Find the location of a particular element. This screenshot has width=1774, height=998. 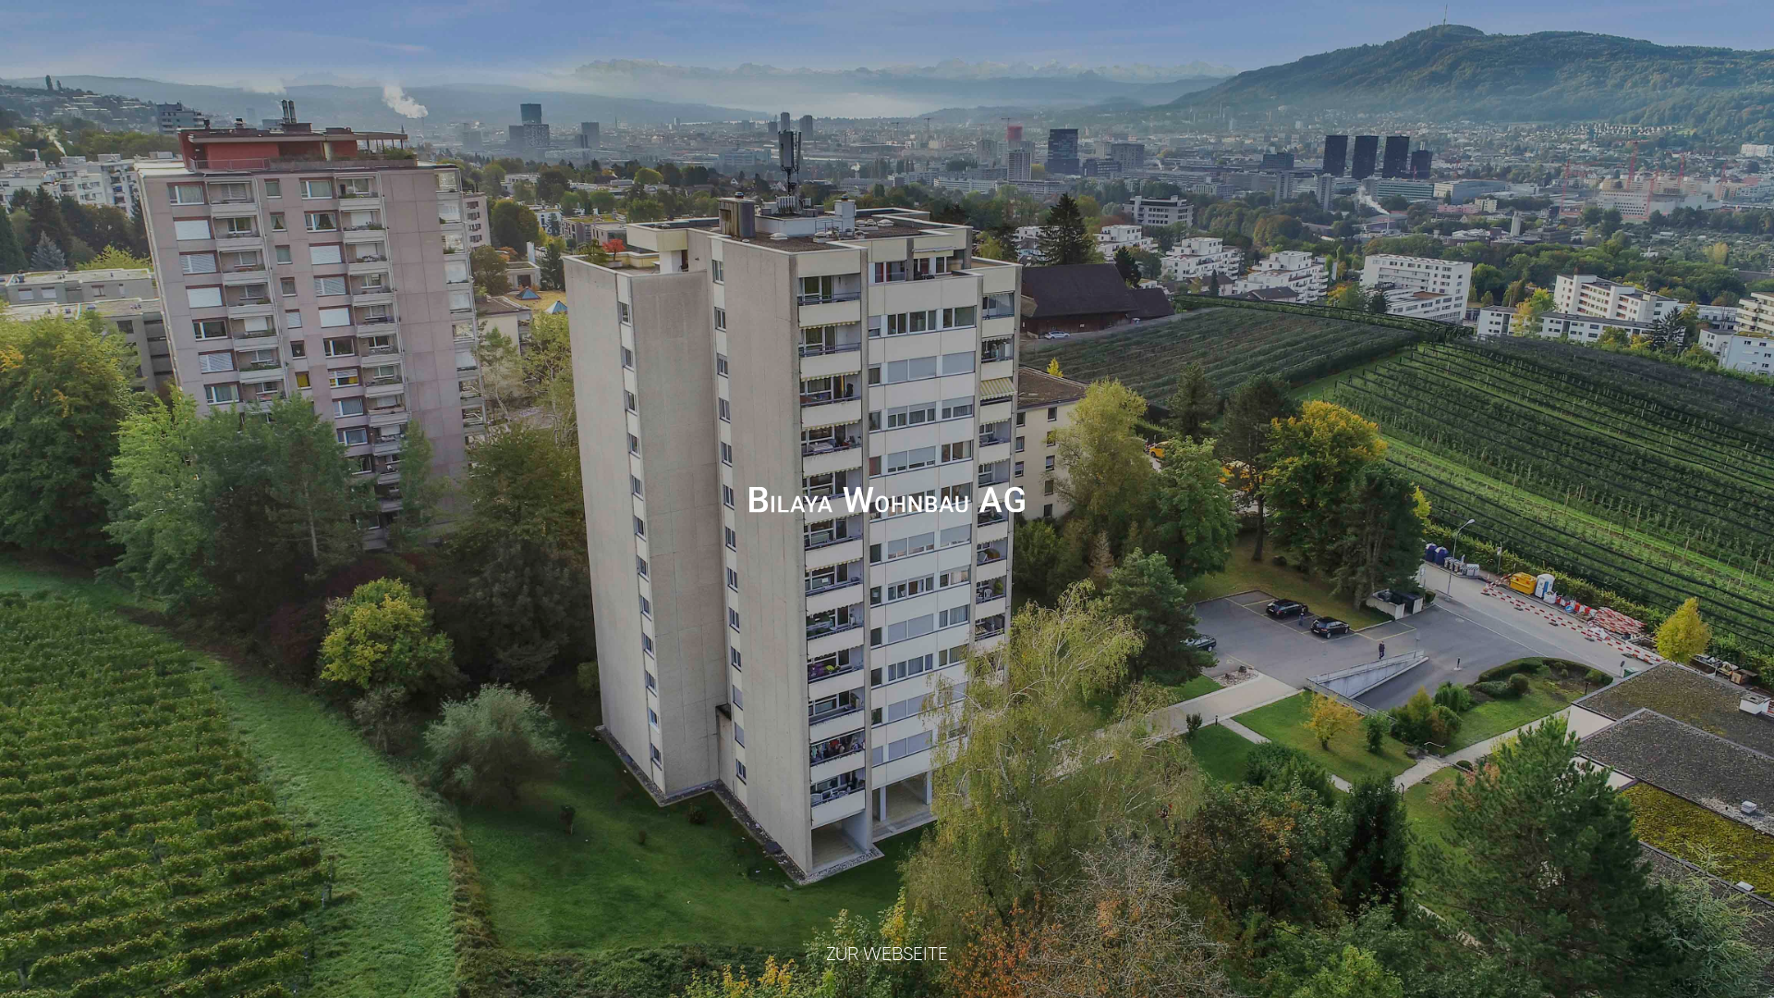

'ZUR WEBSEITE' is located at coordinates (887, 954).